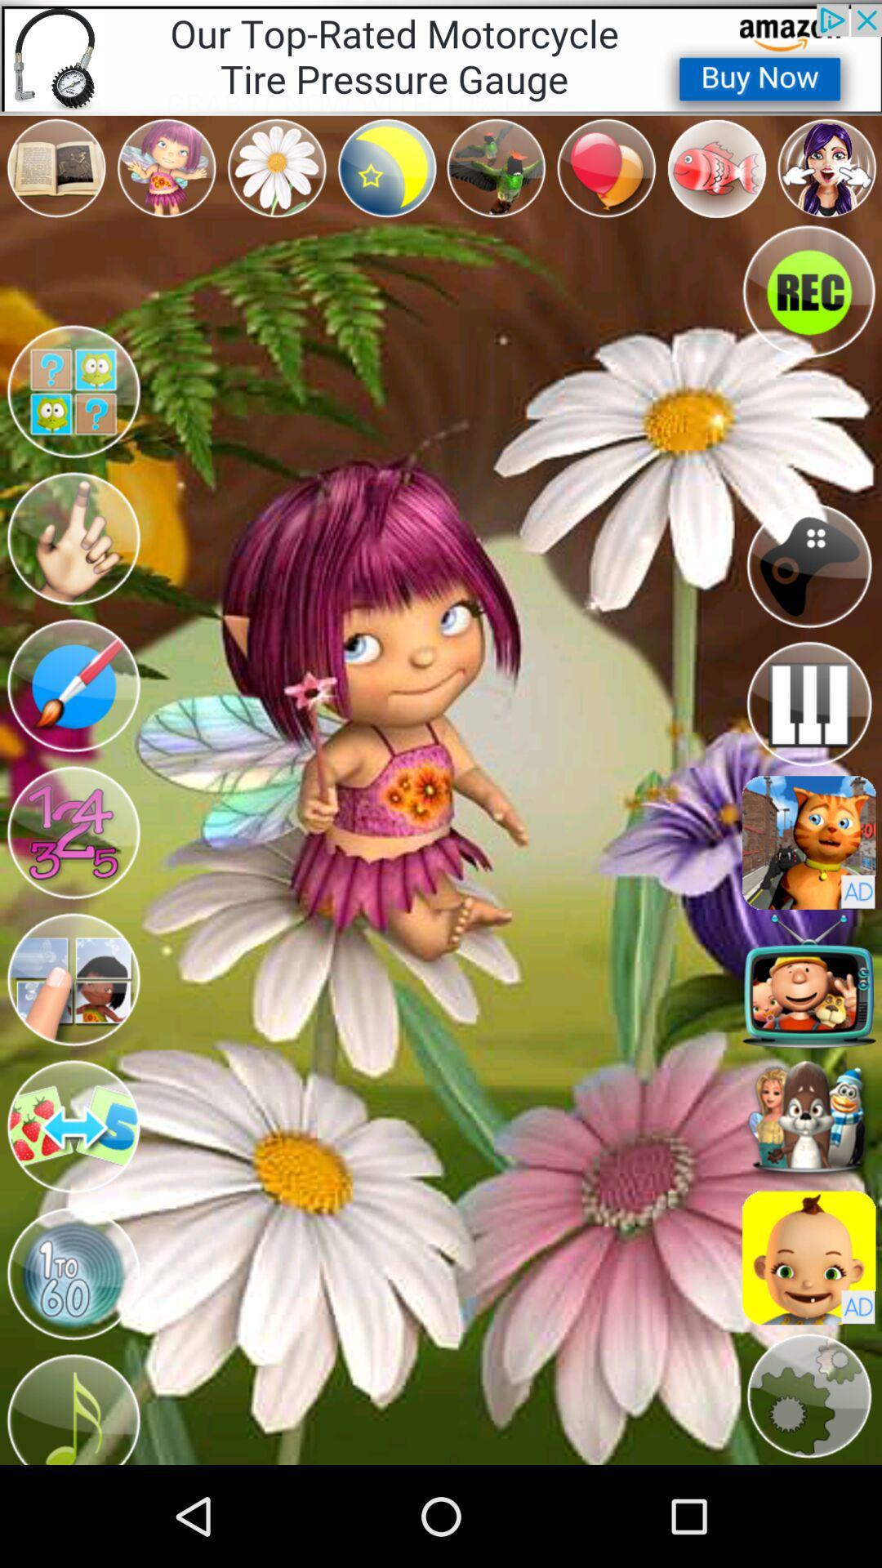 The height and width of the screenshot is (1568, 882). Describe the element at coordinates (72, 686) in the screenshot. I see `use pencil` at that location.